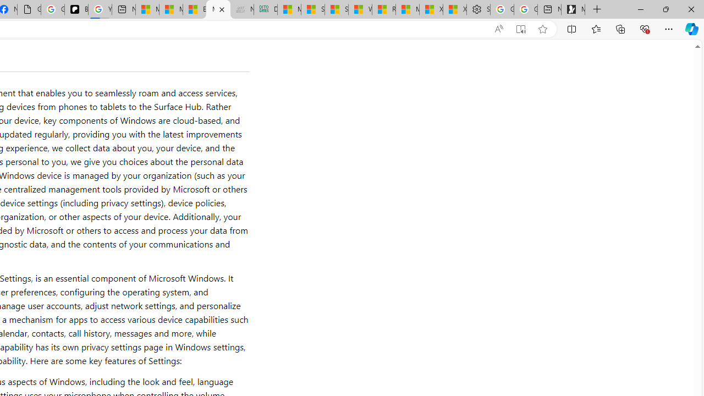  Describe the element at coordinates (29, 9) in the screenshot. I see `'Google Analytics Opt-out Browser Add-on Download Page'` at that location.